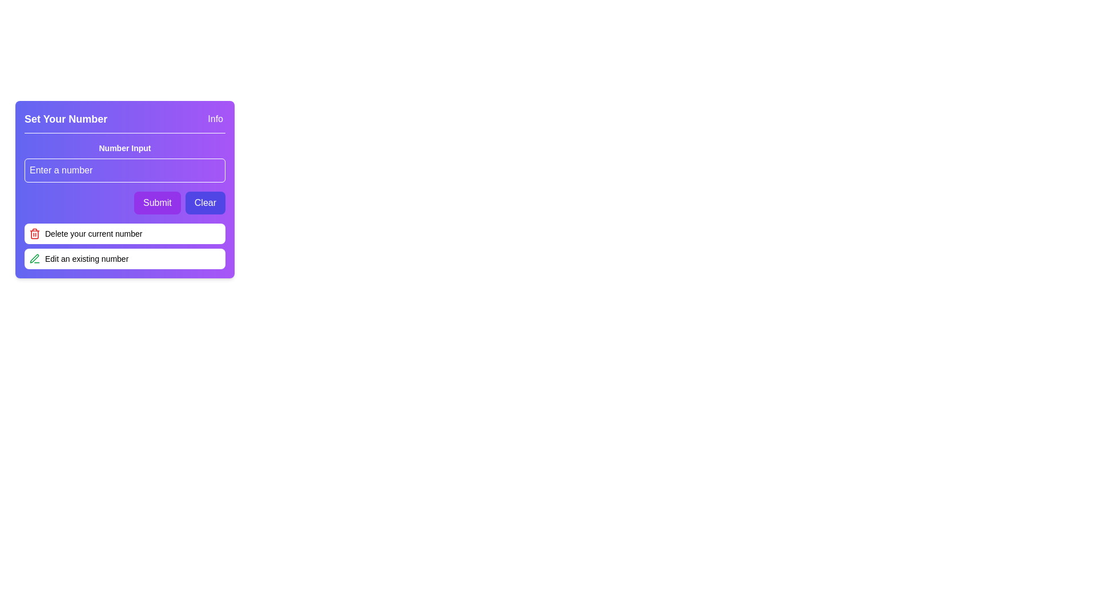 This screenshot has height=616, width=1096. What do you see at coordinates (125, 259) in the screenshot?
I see `the button that allows the user to edit an existing number, located beneath the 'Delete your current number' element in the 'Set Your Number' section` at bounding box center [125, 259].